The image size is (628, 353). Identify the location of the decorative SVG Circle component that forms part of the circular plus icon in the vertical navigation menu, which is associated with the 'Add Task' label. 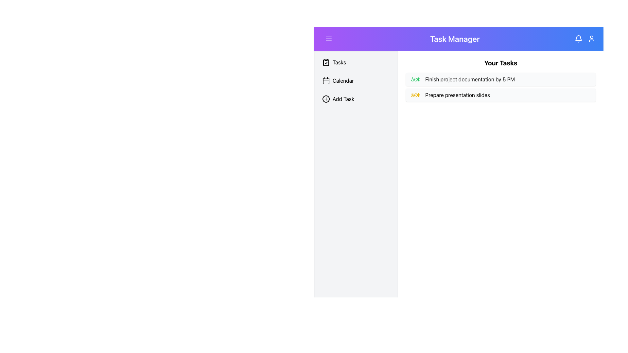
(326, 99).